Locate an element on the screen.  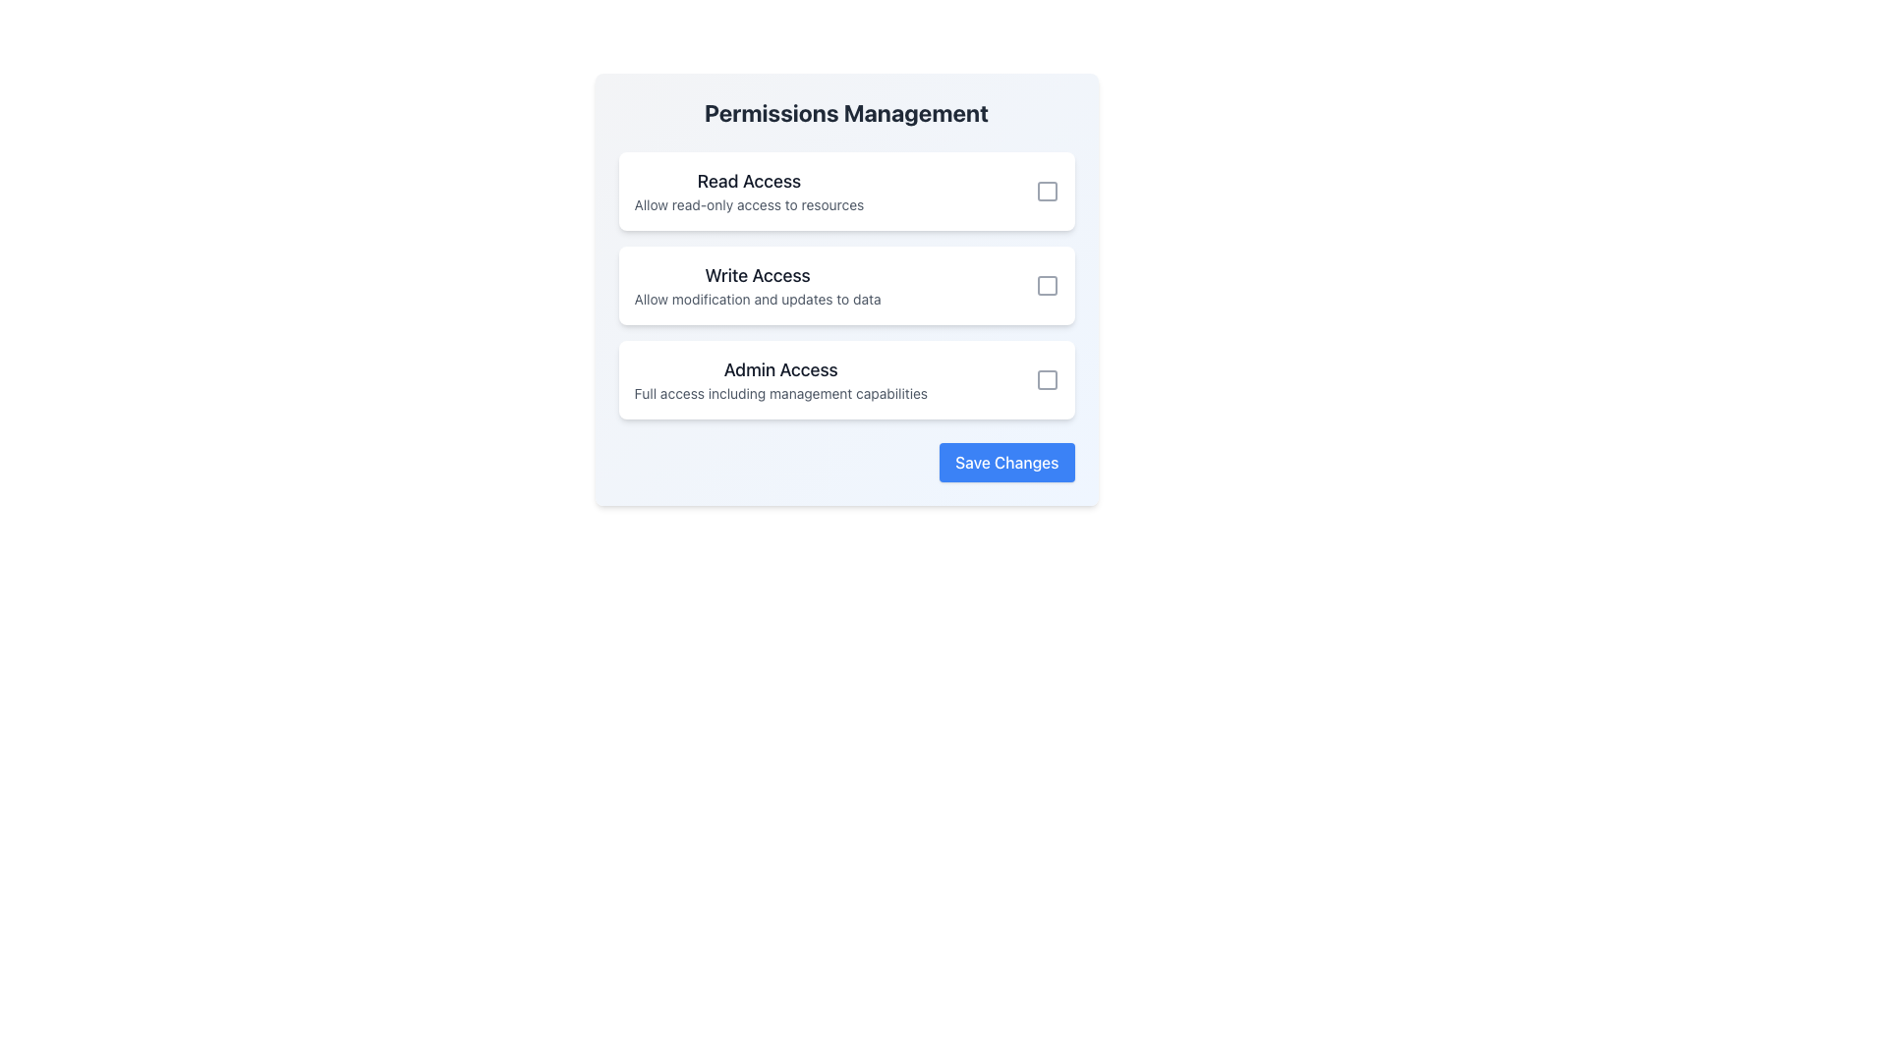
the Checkbox Indicator for the 'Read Access' option is located at coordinates (1046, 192).